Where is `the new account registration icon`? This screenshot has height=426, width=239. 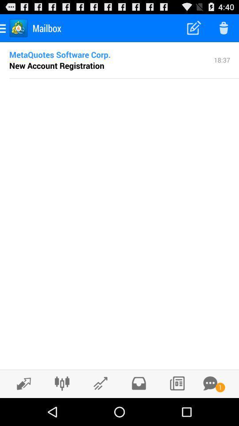
the new account registration icon is located at coordinates (57, 65).